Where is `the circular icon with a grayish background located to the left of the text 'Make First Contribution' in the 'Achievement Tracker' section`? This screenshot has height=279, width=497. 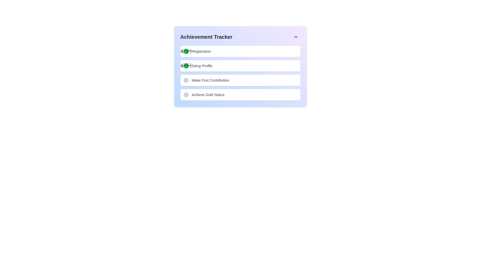 the circular icon with a grayish background located to the left of the text 'Make First Contribution' in the 'Achievement Tracker' section is located at coordinates (186, 80).